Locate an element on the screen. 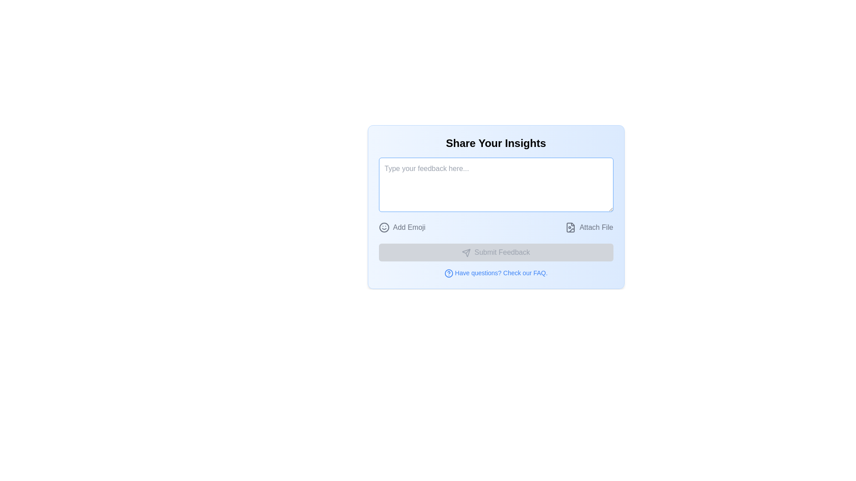  the 'Add Emoji' text label or its accompanying smiley face icon located at the bottom left section of the 'Share Your Insights' panel to initiate adding emojis is located at coordinates (402, 227).